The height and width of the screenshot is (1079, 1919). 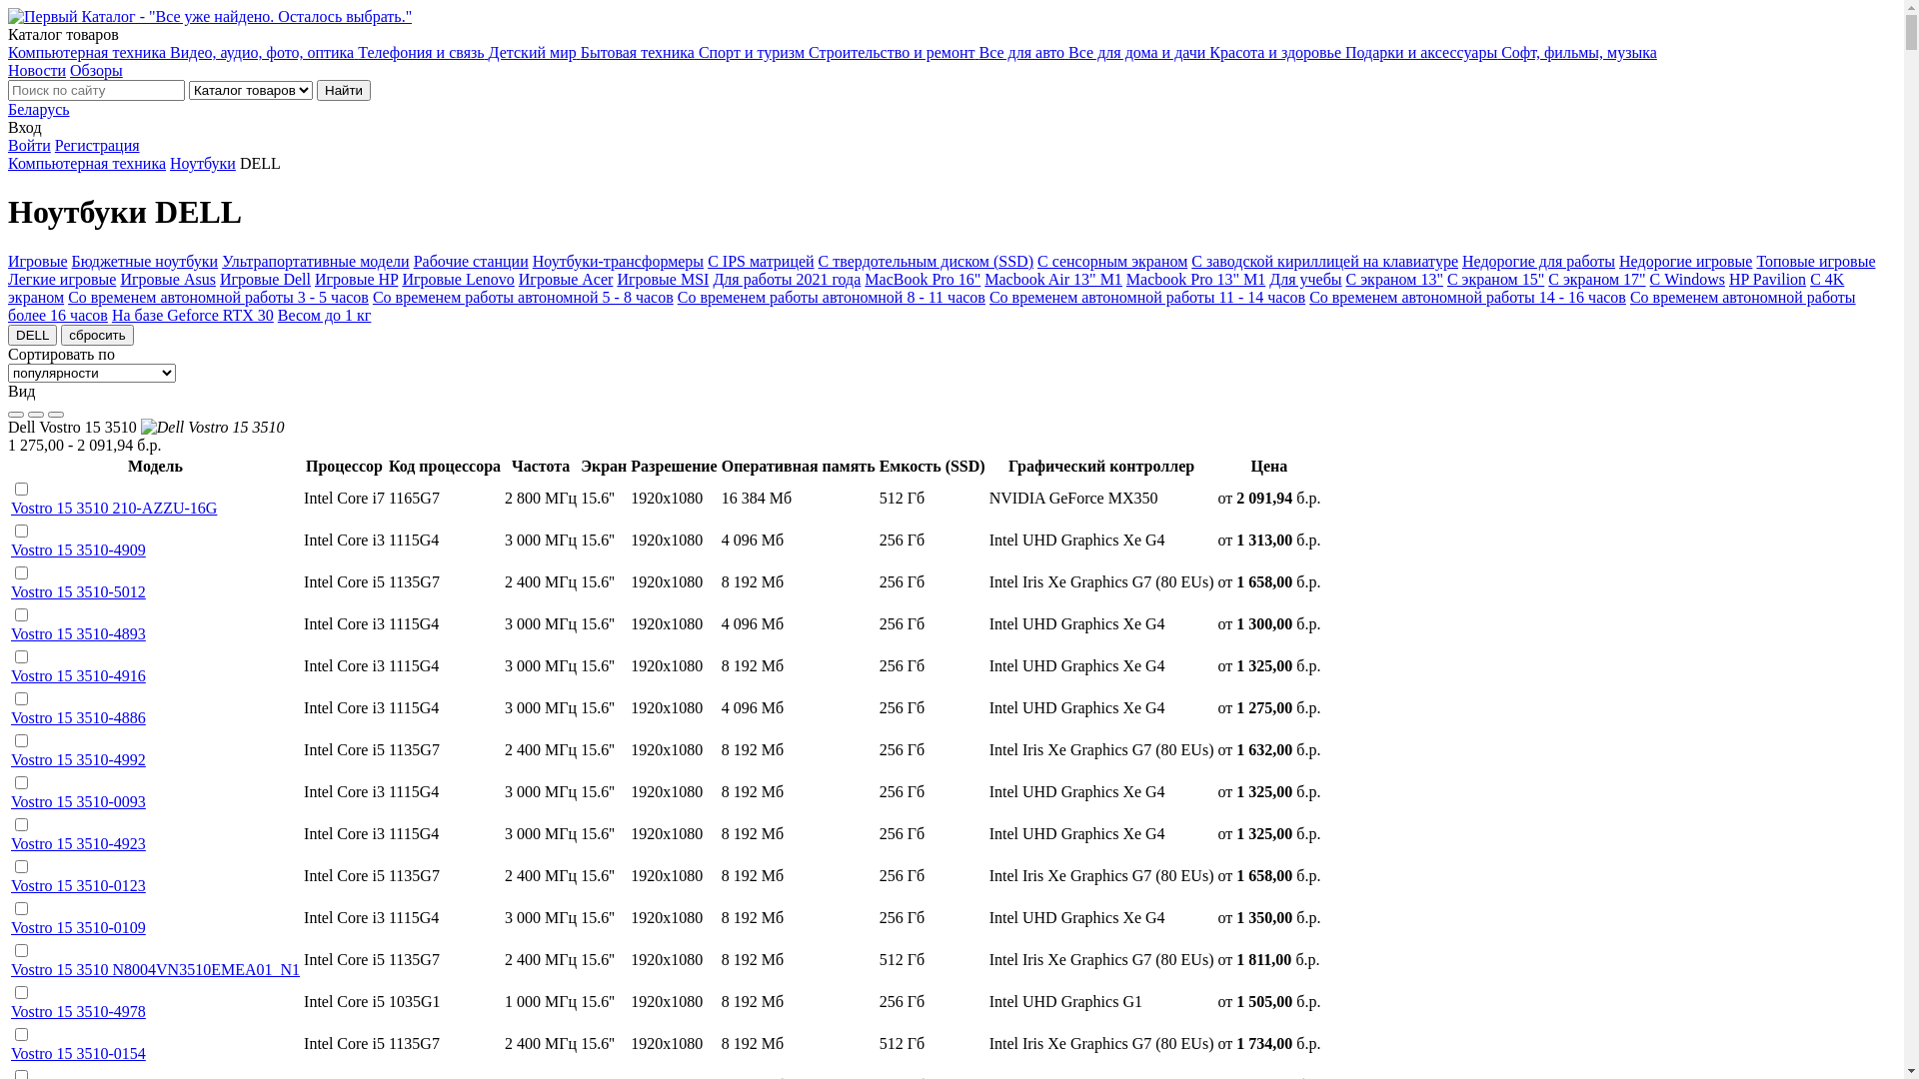 What do you see at coordinates (864, 279) in the screenshot?
I see `'MacBook Pro 16"'` at bounding box center [864, 279].